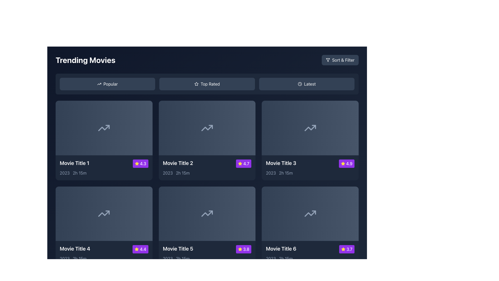  Describe the element at coordinates (310, 214) in the screenshot. I see `the trend icon located in the lower-right section of the grid of movie cards for 'Movie Title 6'` at that location.